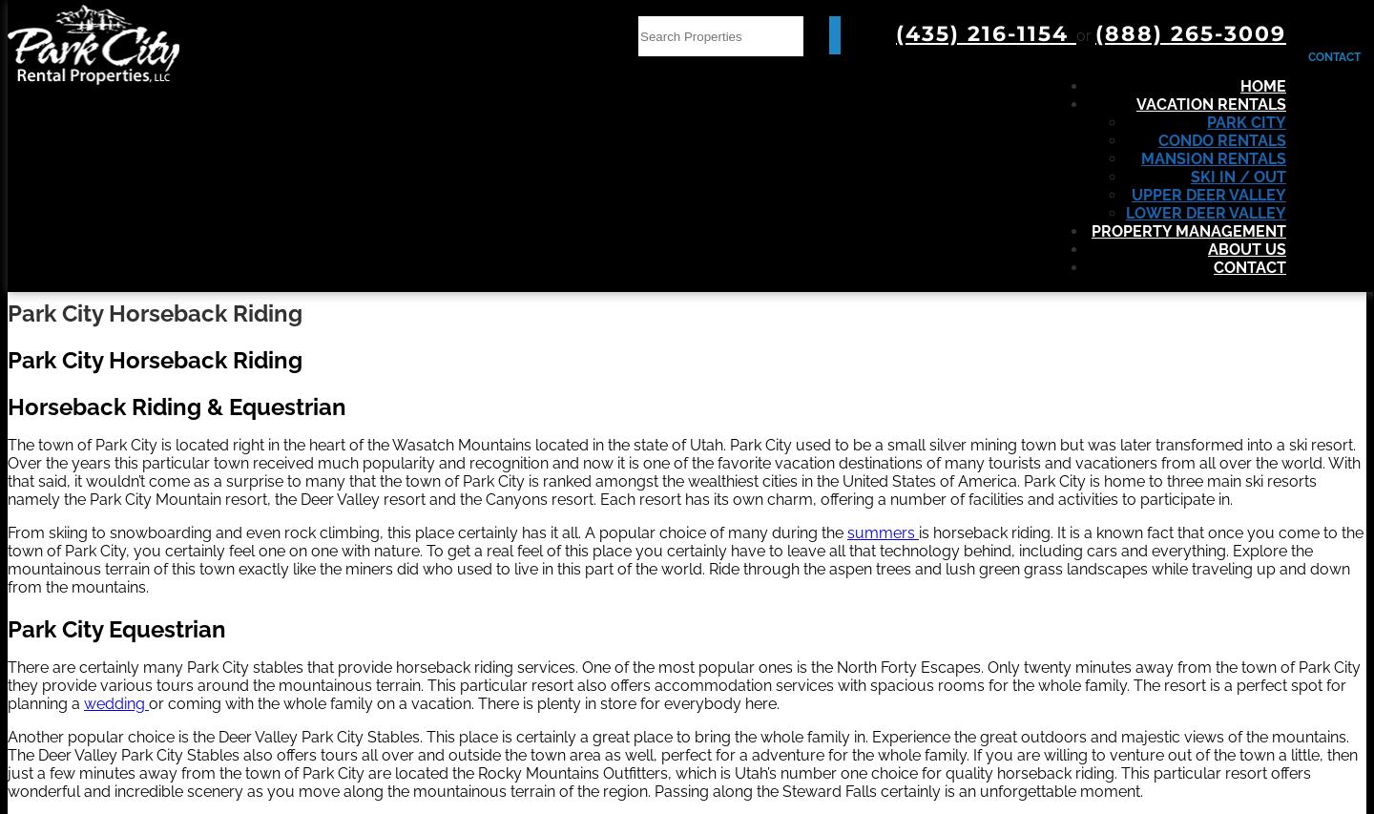  Describe the element at coordinates (7, 405) in the screenshot. I see `'Horseback Riding & Equestrian'` at that location.